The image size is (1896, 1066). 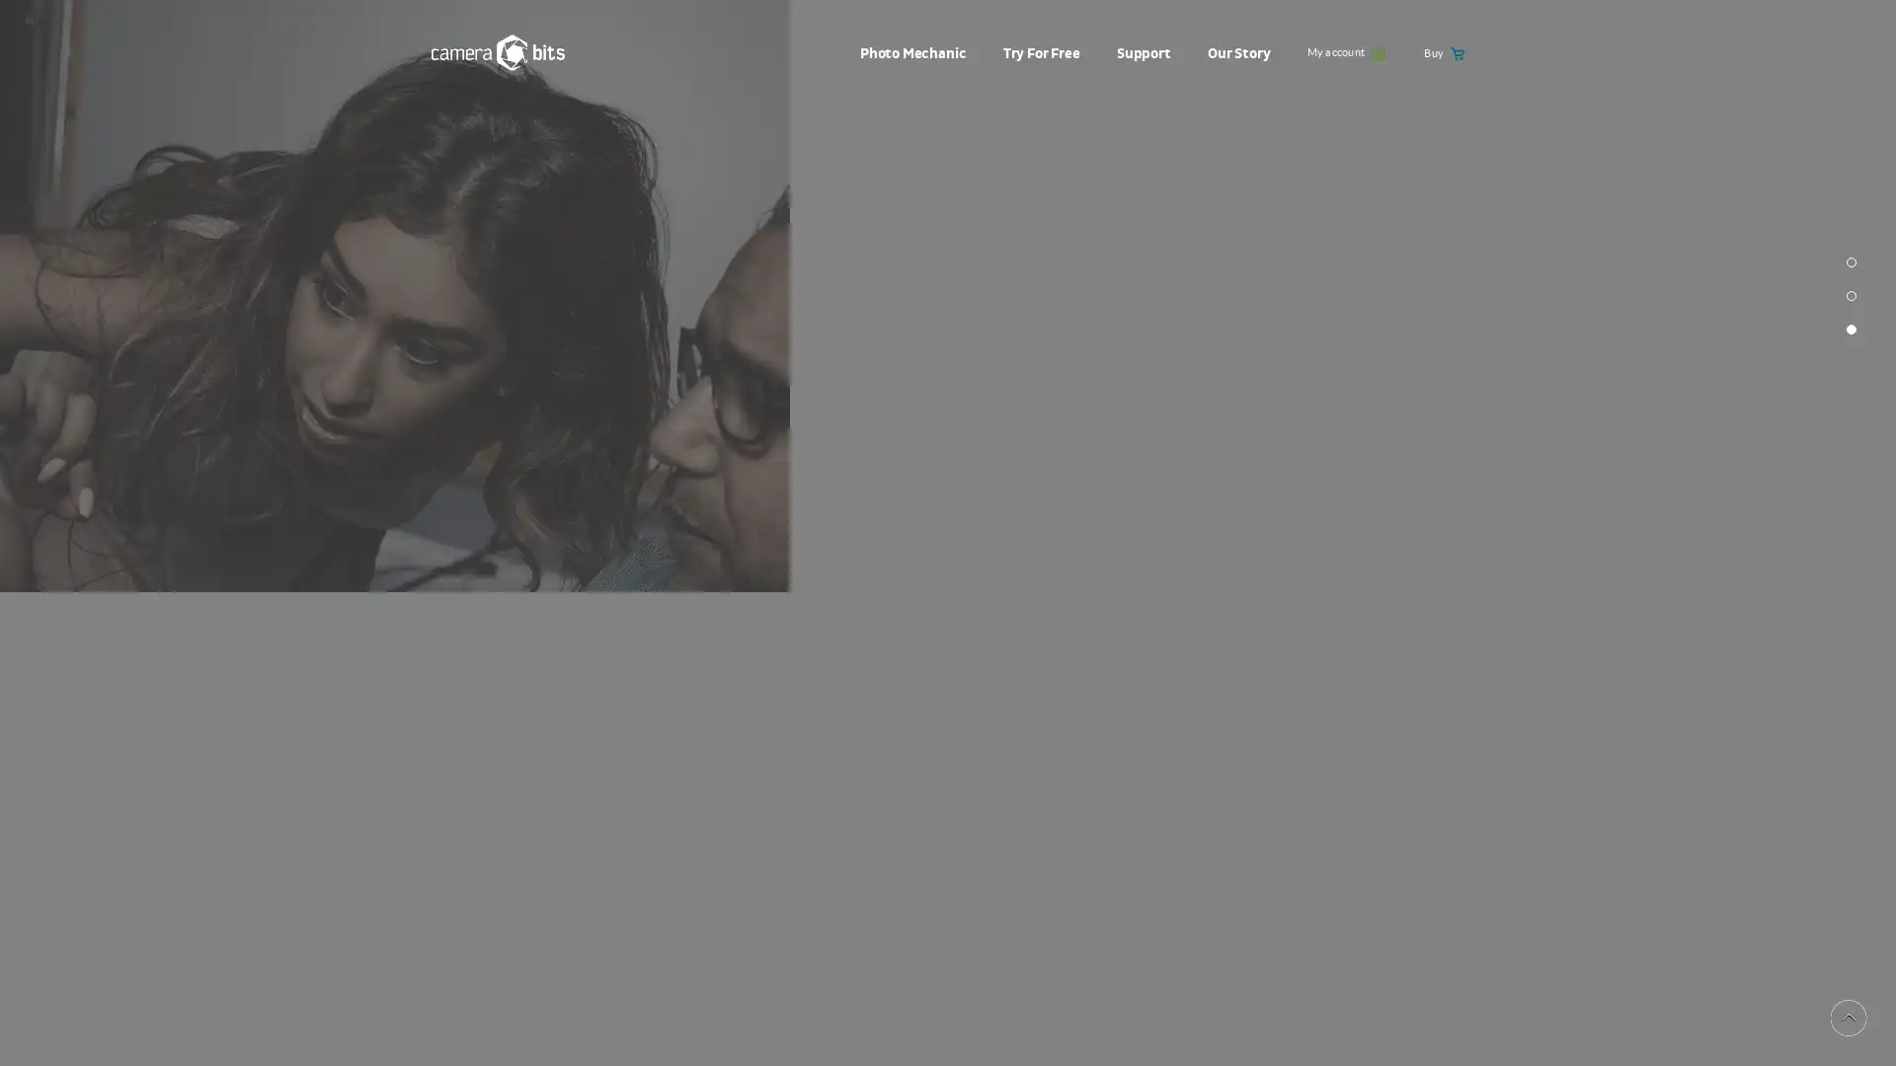 I want to click on 2, so click(x=1851, y=533).